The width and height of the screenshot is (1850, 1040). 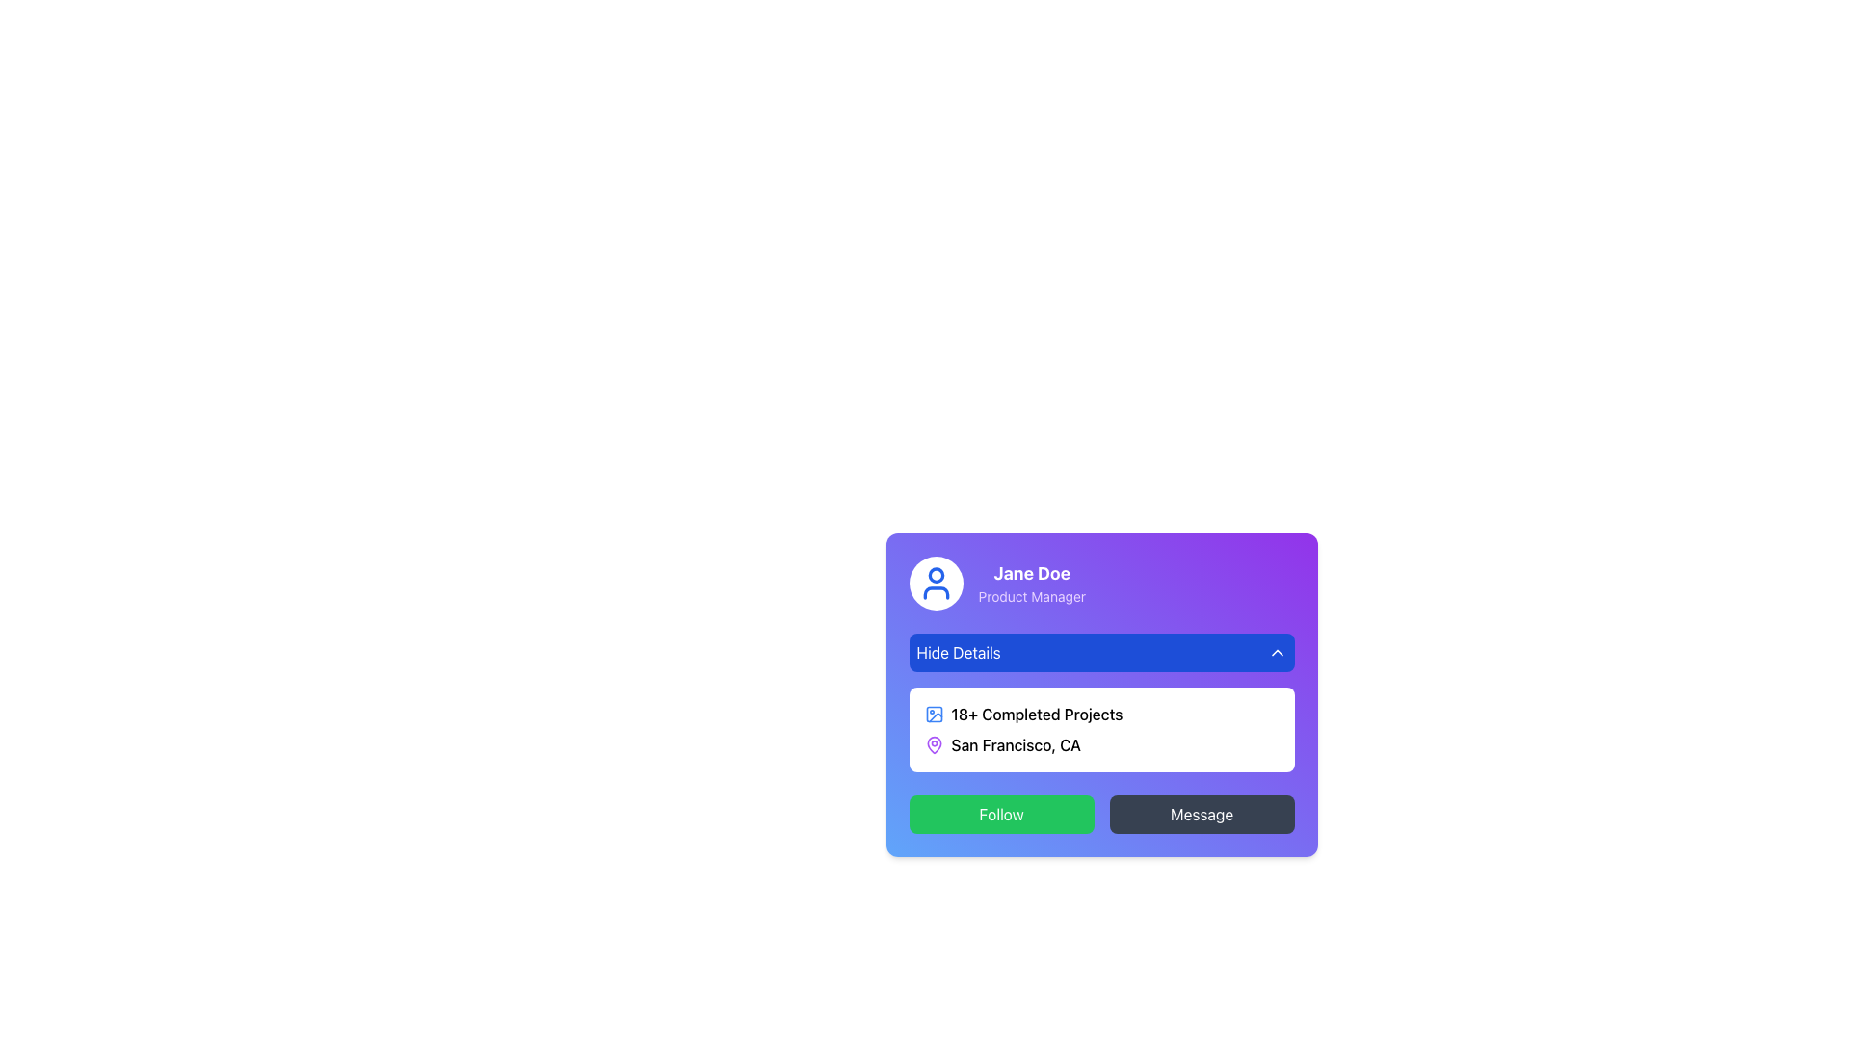 What do you see at coordinates (1031, 582) in the screenshot?
I see `information displayed in the Text Label which shows 'Jane Doe' and 'Product Manager' on a gradient purple background` at bounding box center [1031, 582].